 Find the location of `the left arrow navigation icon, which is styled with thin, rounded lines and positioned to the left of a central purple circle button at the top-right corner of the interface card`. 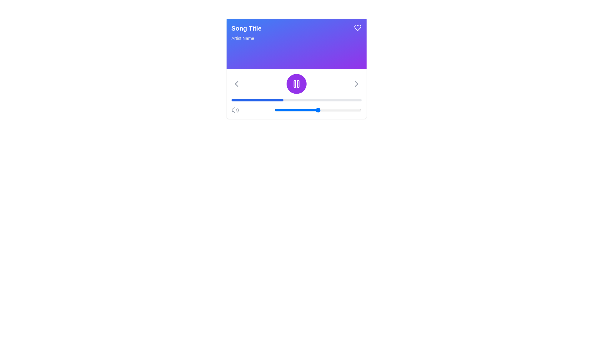

the left arrow navigation icon, which is styled with thin, rounded lines and positioned to the left of a central purple circle button at the top-right corner of the interface card is located at coordinates (236, 84).